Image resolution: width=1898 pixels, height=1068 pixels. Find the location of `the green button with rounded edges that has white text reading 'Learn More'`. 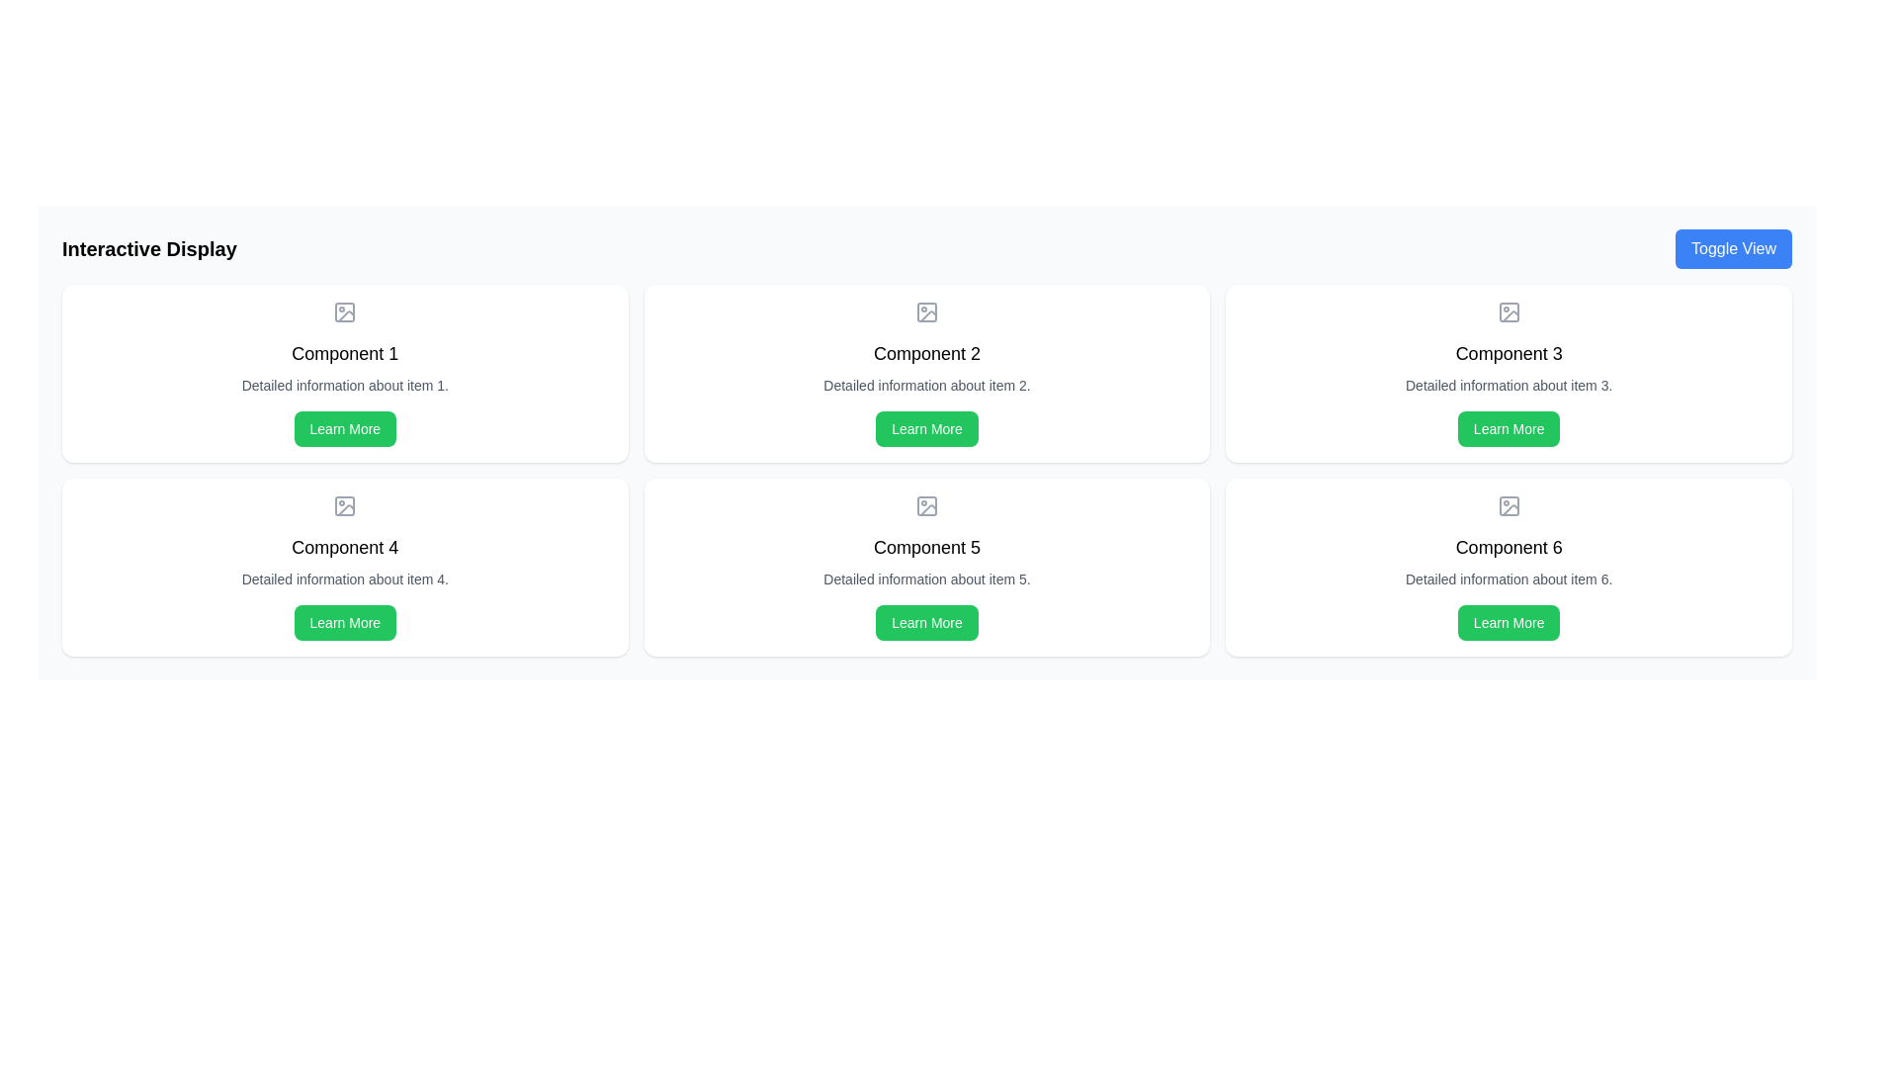

the green button with rounded edges that has white text reading 'Learn More' is located at coordinates (345, 428).